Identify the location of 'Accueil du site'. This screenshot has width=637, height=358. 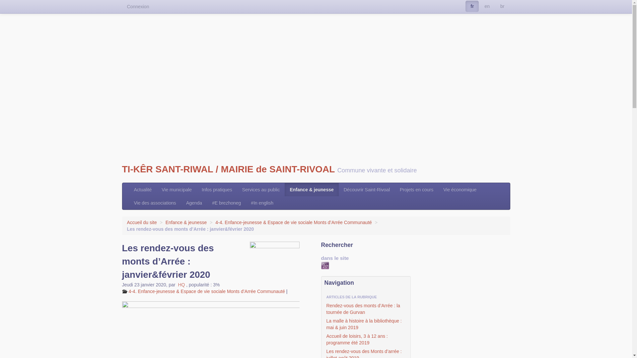
(141, 222).